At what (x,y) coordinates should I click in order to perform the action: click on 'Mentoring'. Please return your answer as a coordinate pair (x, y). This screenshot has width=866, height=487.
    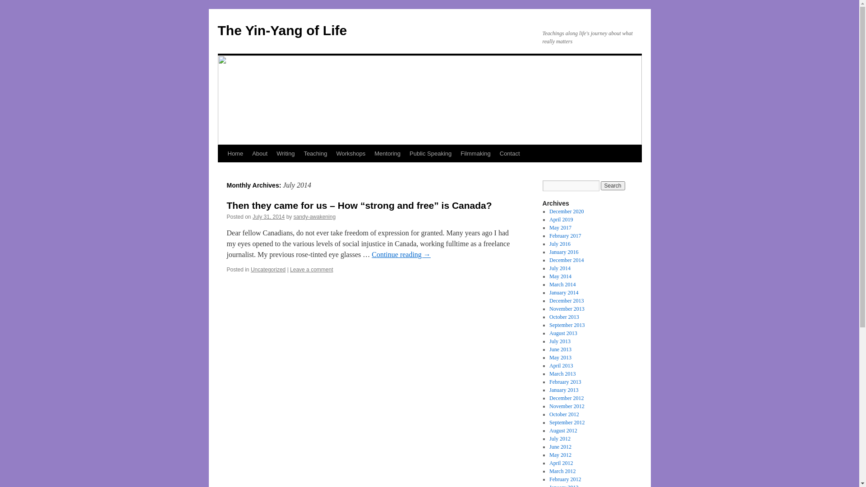
    Looking at the image, I should click on (387, 153).